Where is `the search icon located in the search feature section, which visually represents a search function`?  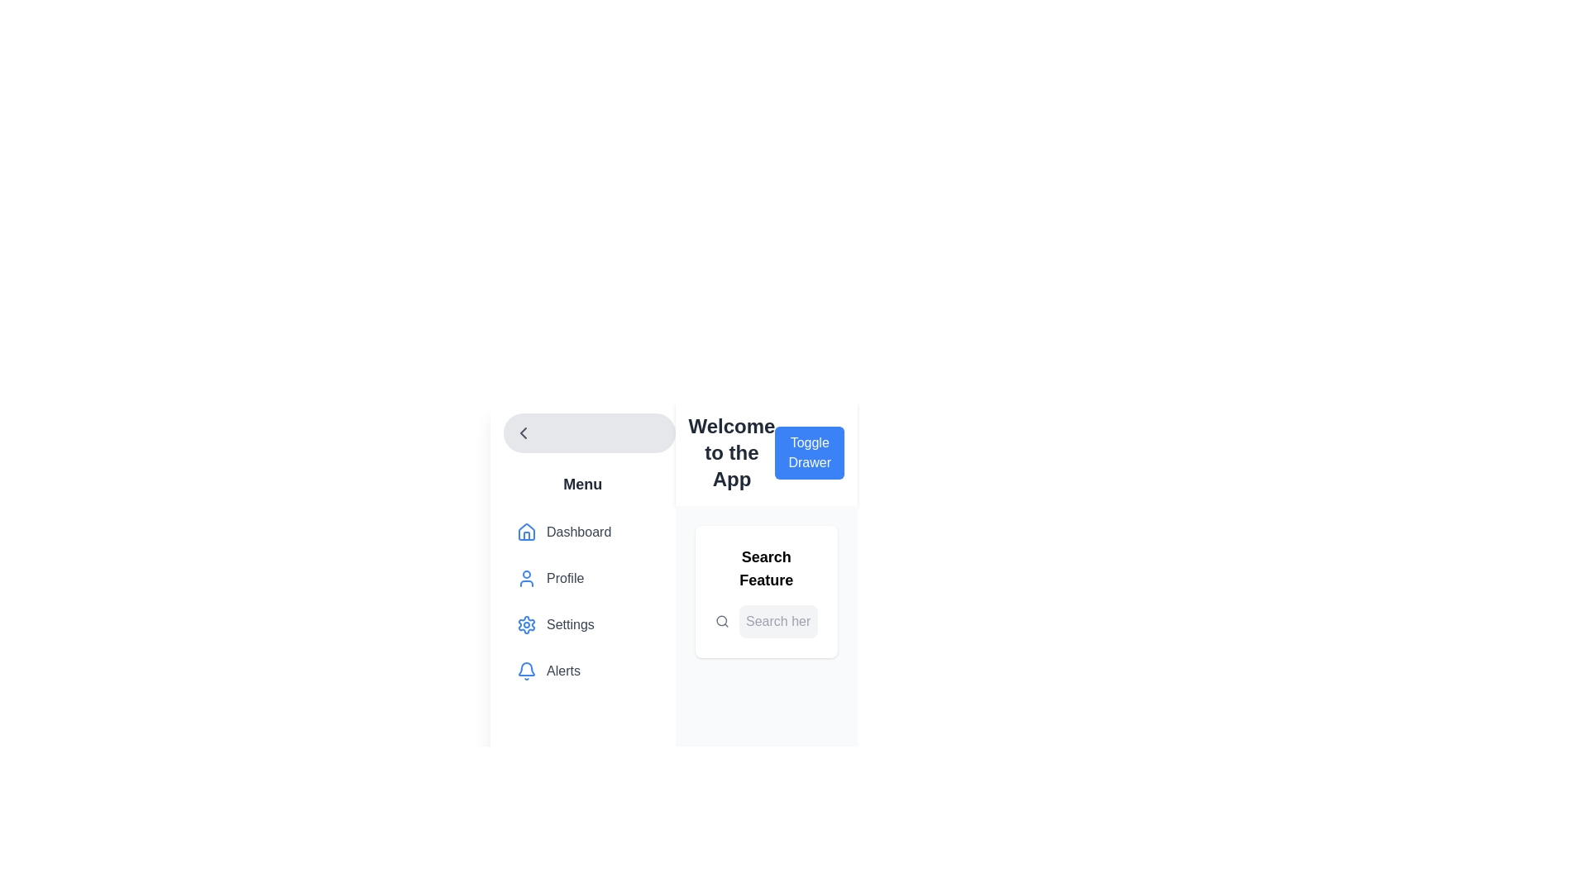 the search icon located in the search feature section, which visually represents a search function is located at coordinates (721, 621).